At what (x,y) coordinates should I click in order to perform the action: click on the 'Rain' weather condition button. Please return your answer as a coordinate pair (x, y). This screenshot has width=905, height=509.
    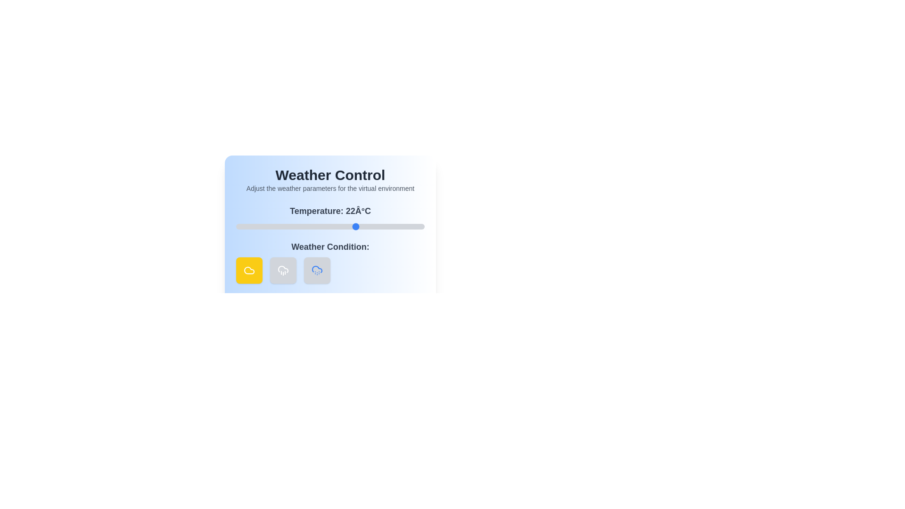
    Looking at the image, I should click on (282, 271).